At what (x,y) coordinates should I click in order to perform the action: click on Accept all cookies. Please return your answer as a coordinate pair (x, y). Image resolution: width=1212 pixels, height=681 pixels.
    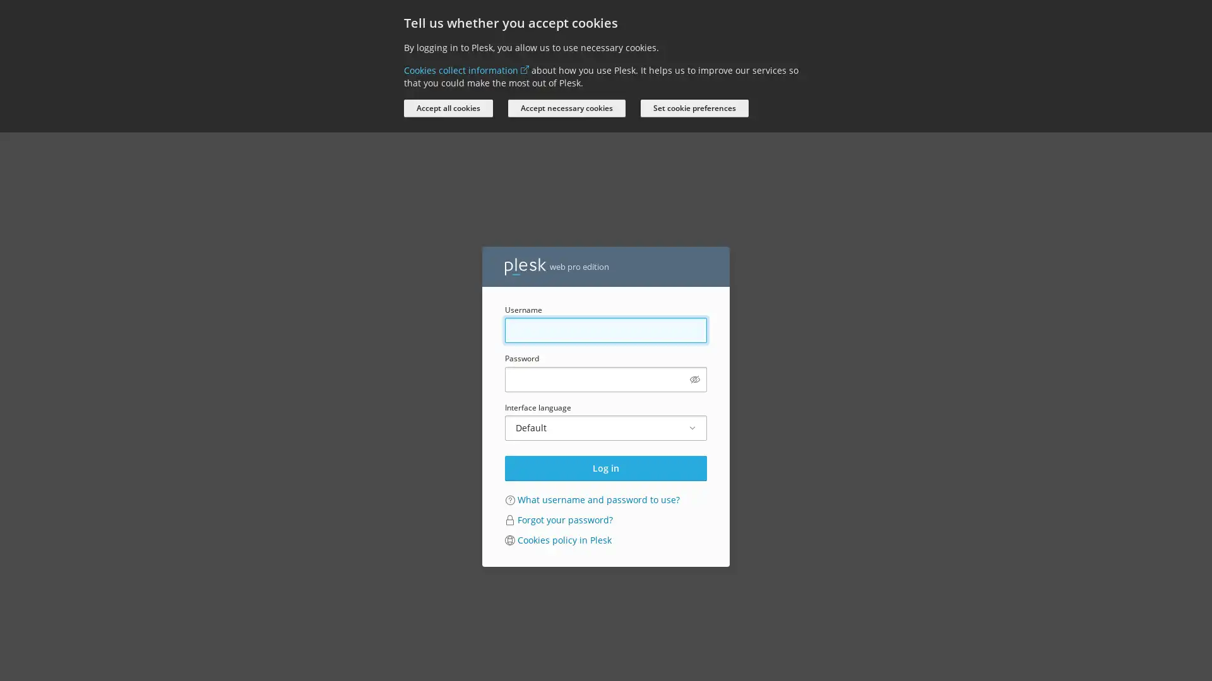
    Looking at the image, I should click on (448, 108).